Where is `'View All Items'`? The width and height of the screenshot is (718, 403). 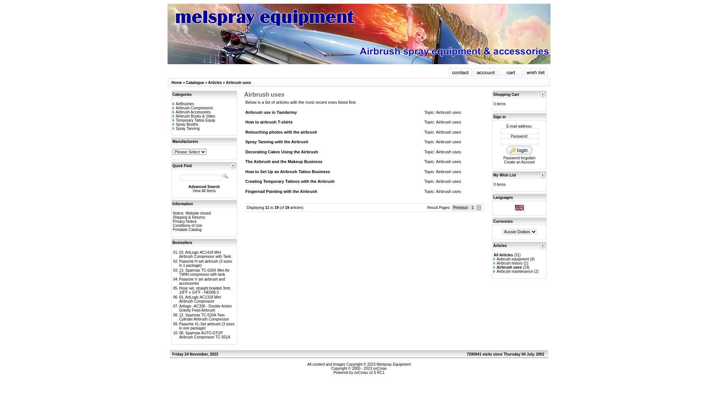
'View All Items' is located at coordinates (204, 190).